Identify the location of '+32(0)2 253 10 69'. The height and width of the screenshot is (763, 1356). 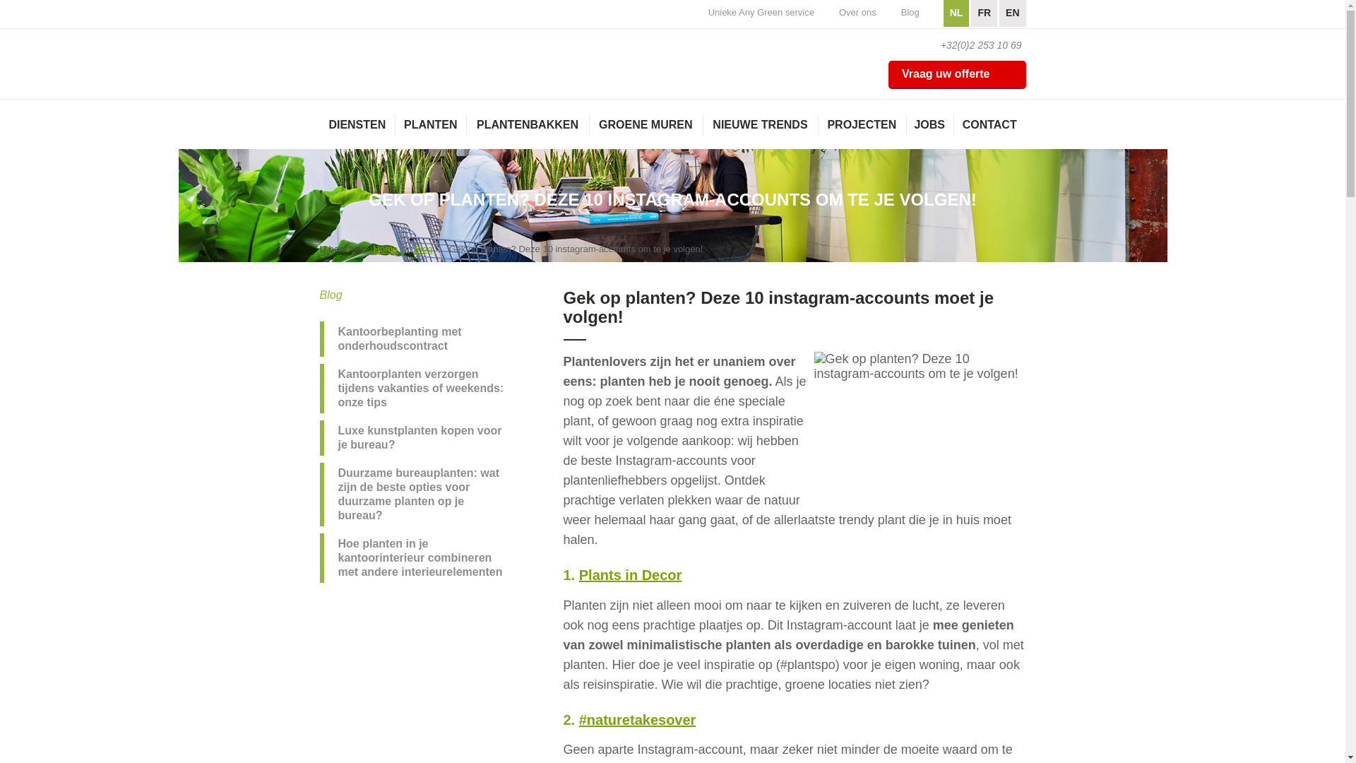
(973, 45).